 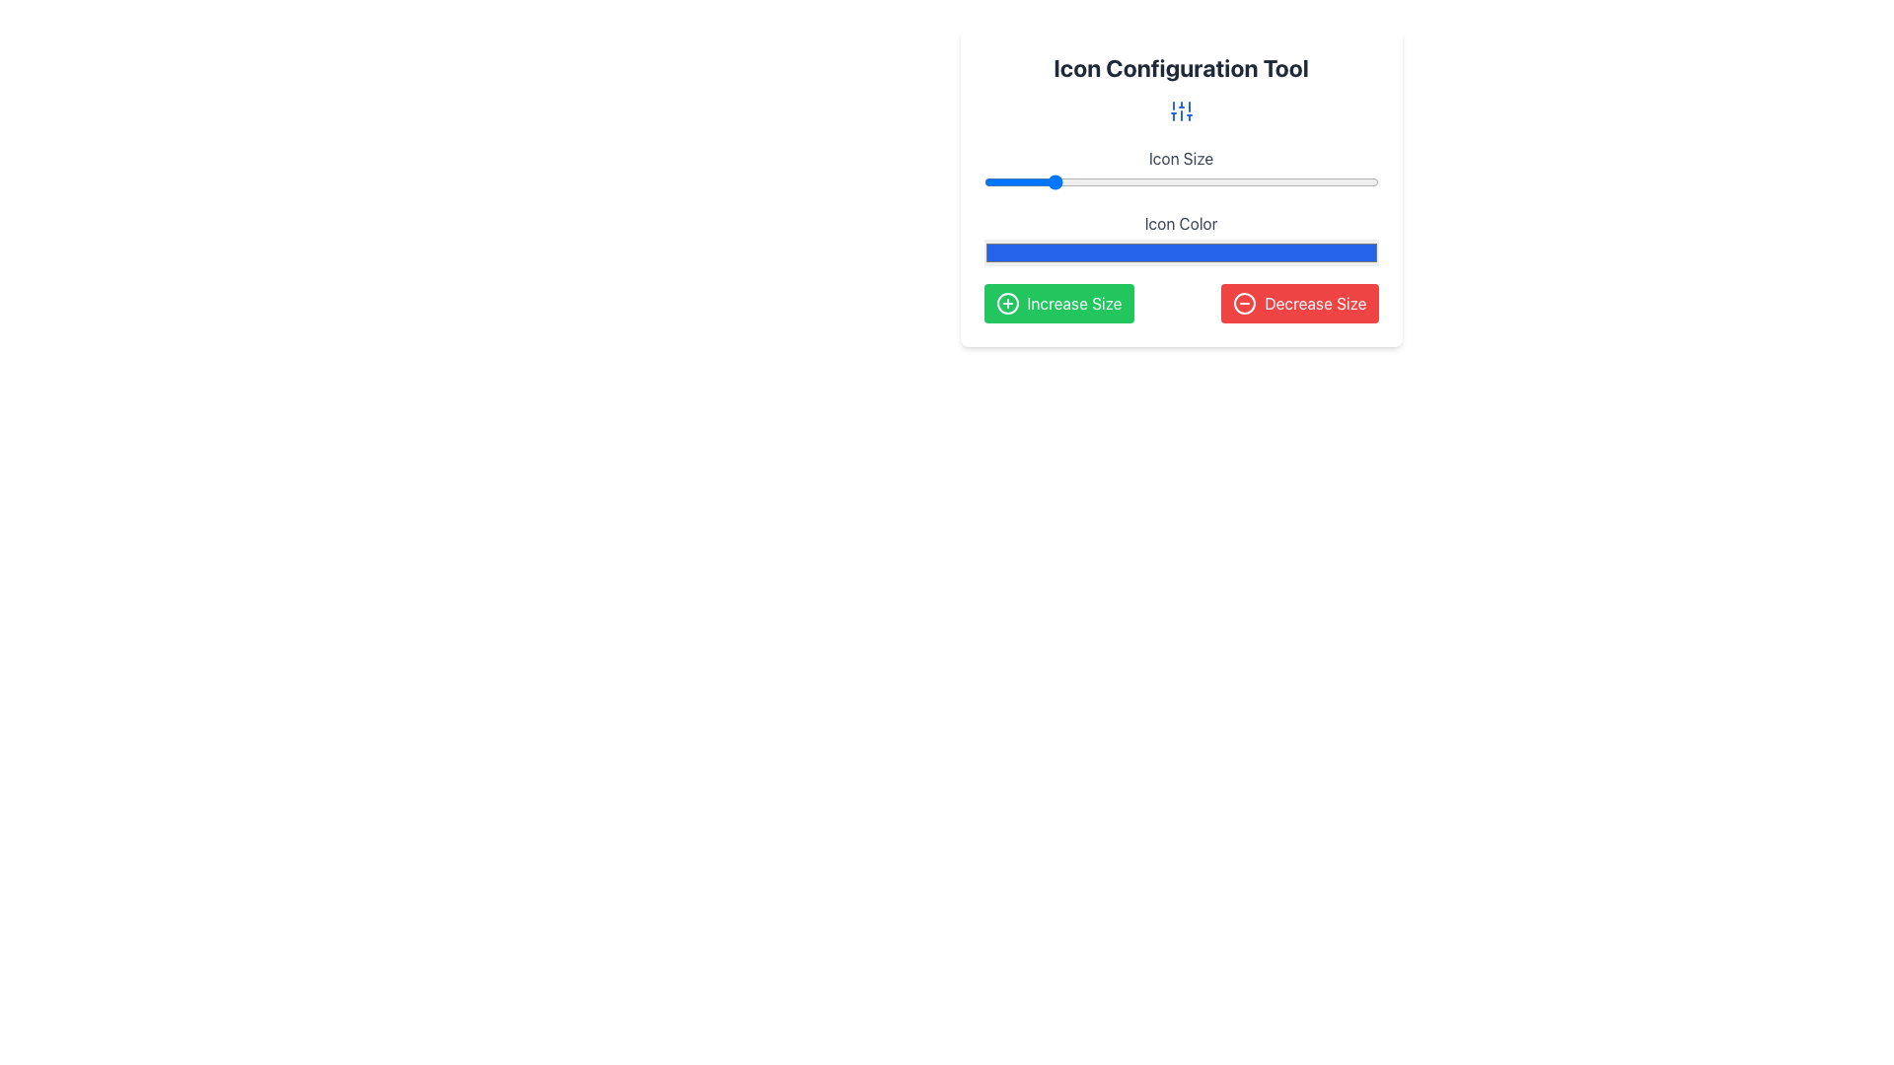 What do you see at coordinates (1272, 182) in the screenshot?
I see `icon size` at bounding box center [1272, 182].